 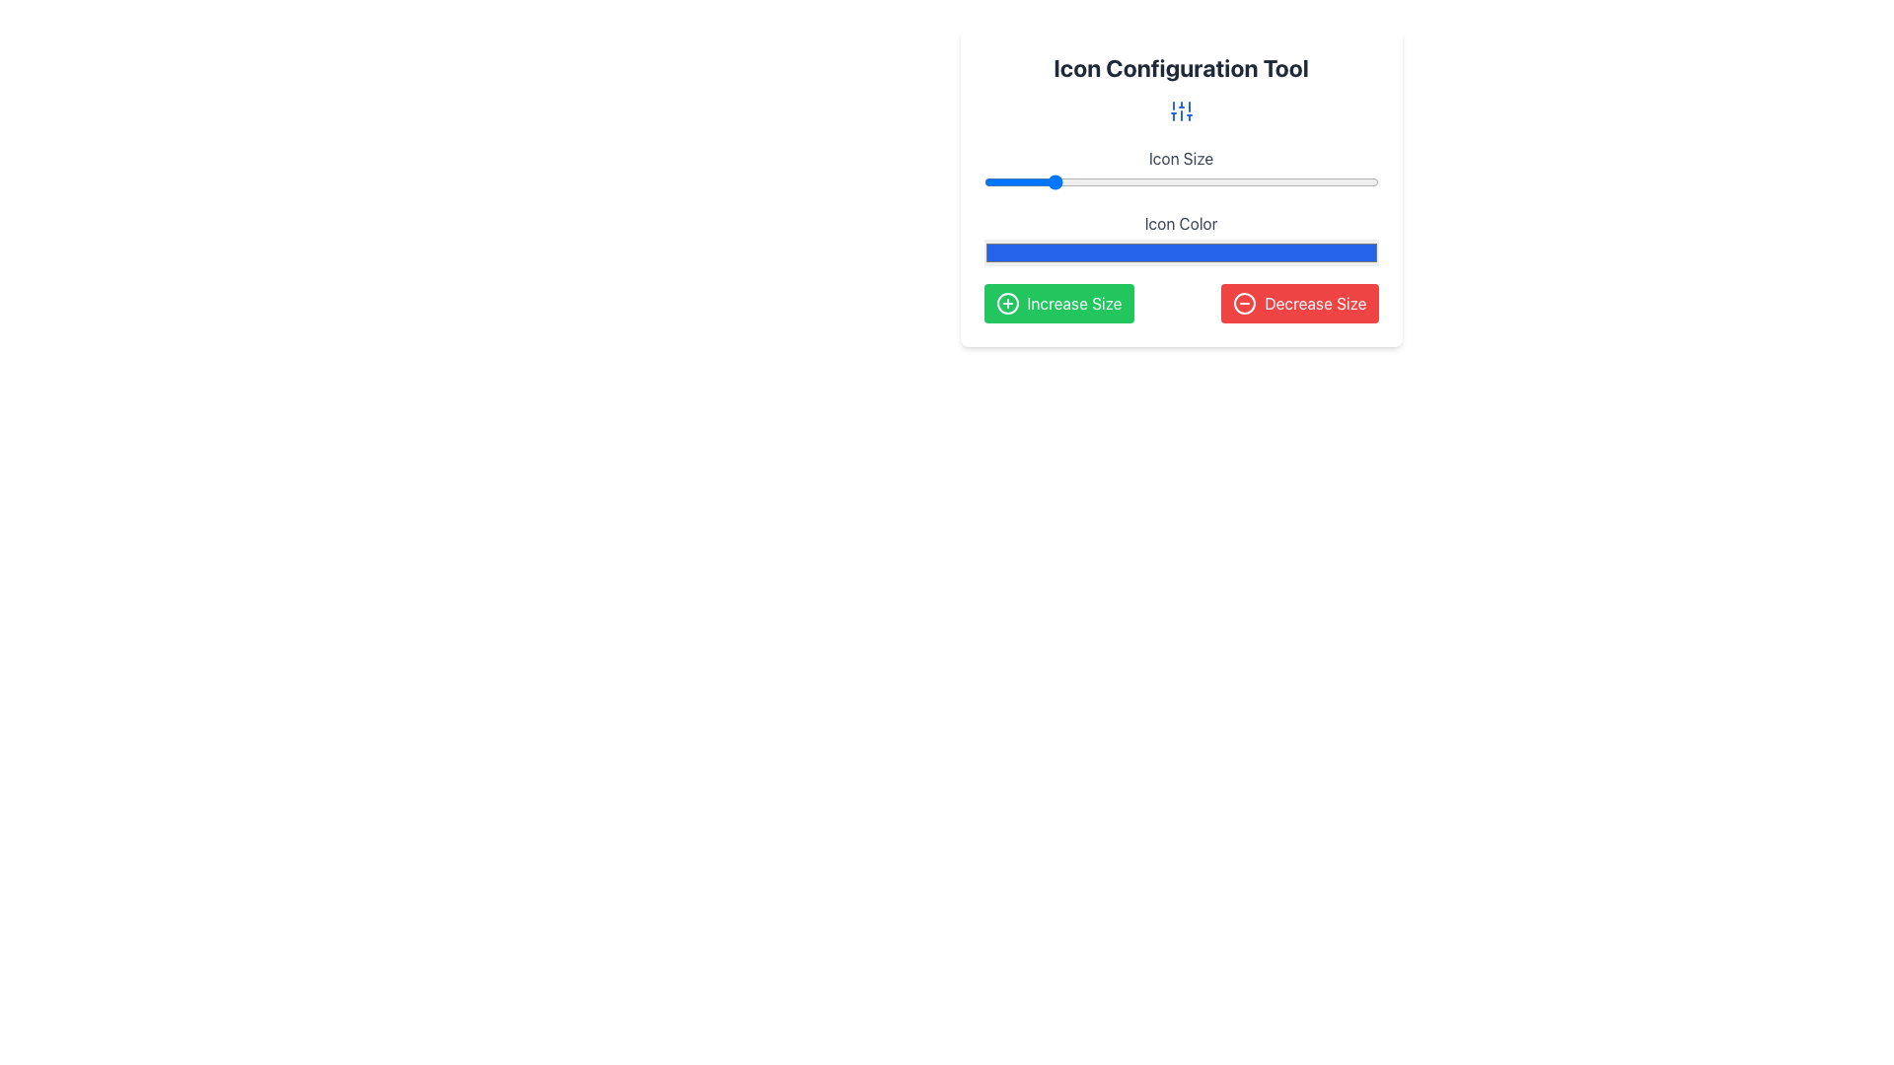 What do you see at coordinates (1272, 182) in the screenshot?
I see `icon size` at bounding box center [1272, 182].